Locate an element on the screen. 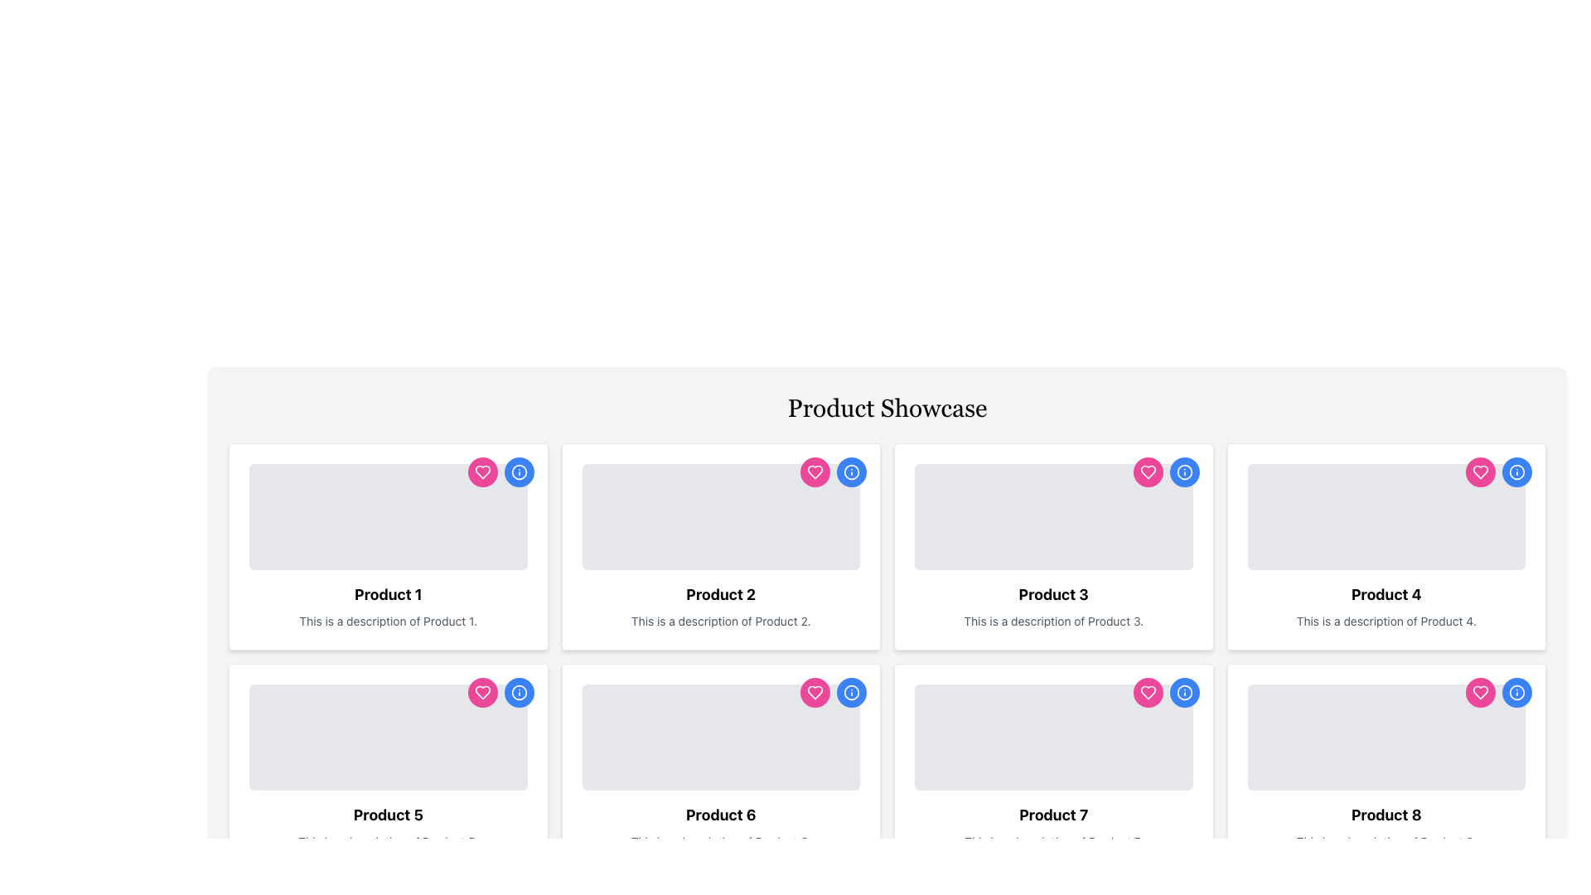 This screenshot has width=1591, height=895. the heart-shaped icon with a pink outline located in the top-right corner of the 'Product 2' card is located at coordinates (481, 472).